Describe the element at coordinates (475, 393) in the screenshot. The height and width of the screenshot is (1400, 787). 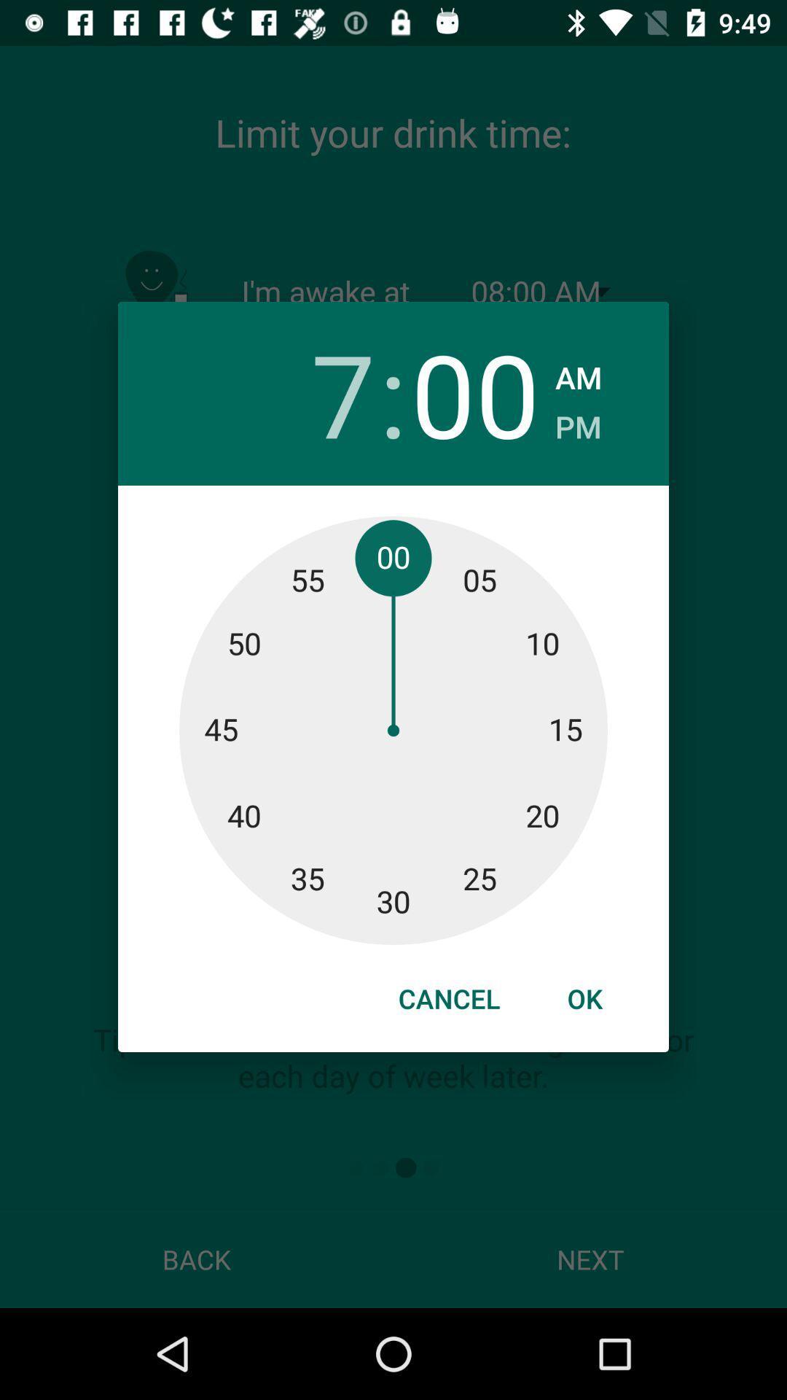
I see `00` at that location.